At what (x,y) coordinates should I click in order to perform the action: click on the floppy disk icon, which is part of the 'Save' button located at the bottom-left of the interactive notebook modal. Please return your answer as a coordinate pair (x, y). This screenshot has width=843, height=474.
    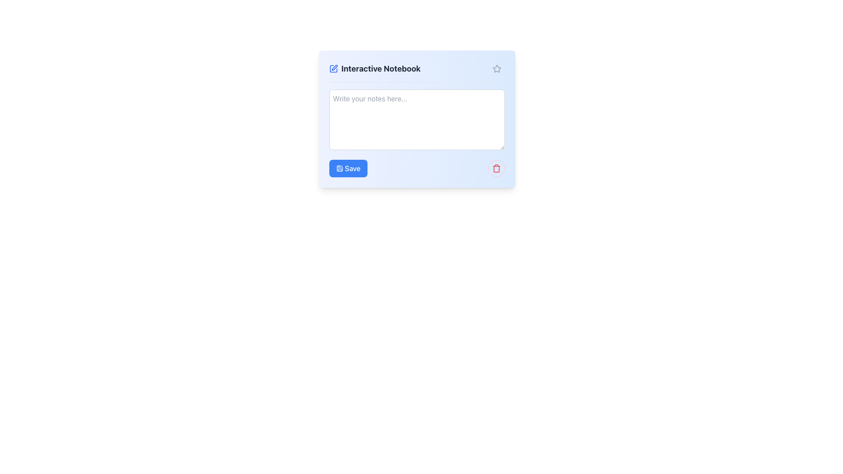
    Looking at the image, I should click on (339, 169).